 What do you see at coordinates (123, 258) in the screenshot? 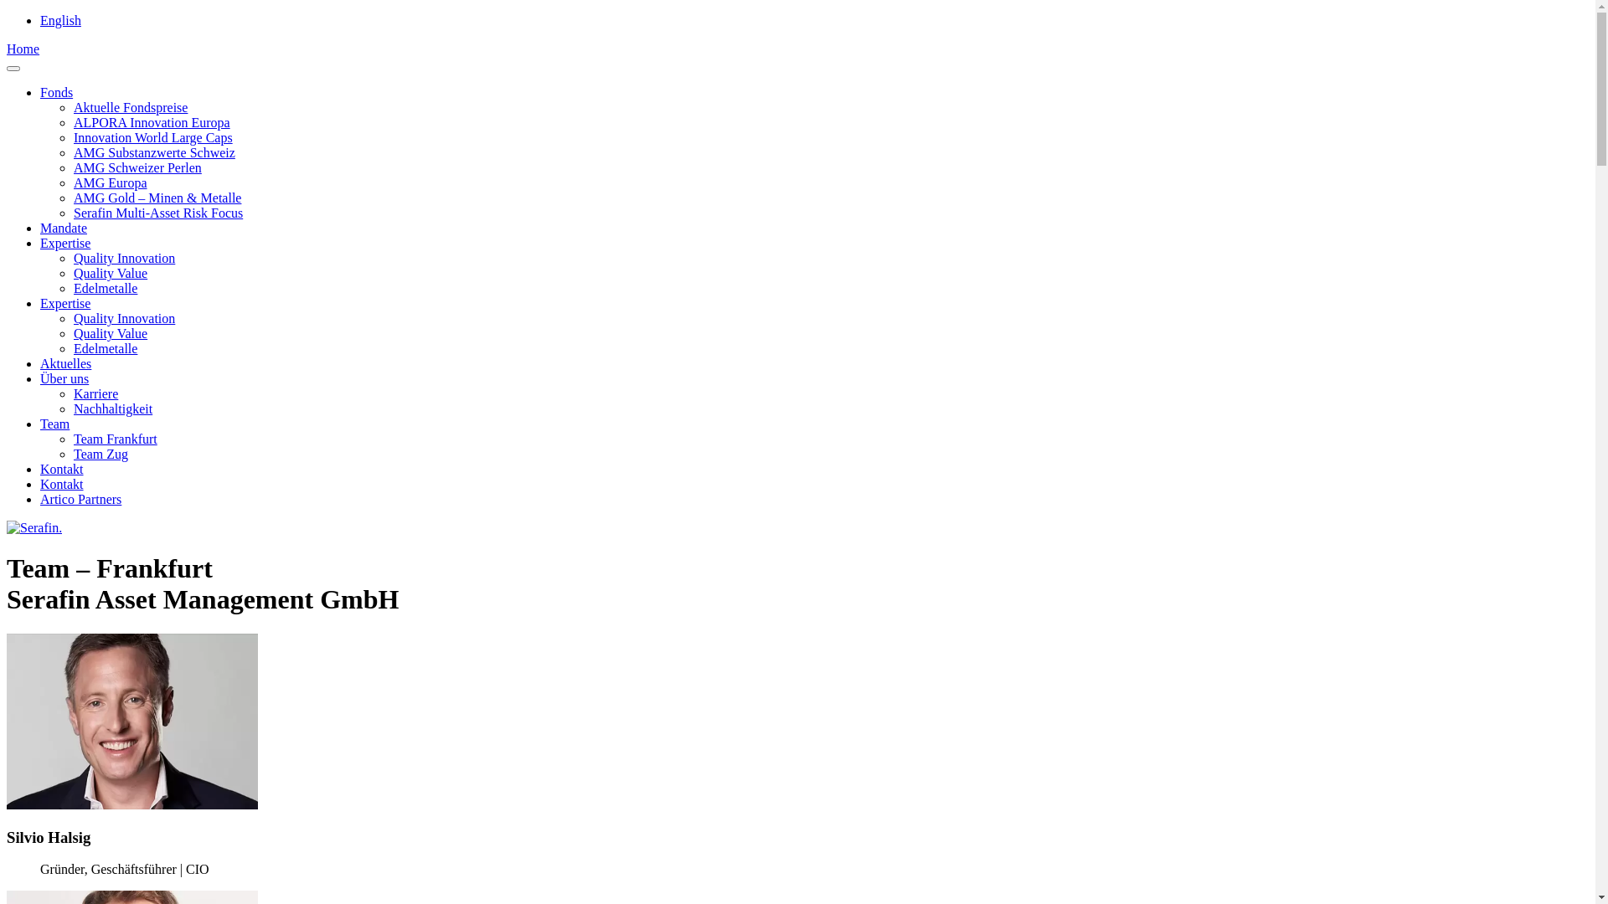
I see `'Quality Innovation'` at bounding box center [123, 258].